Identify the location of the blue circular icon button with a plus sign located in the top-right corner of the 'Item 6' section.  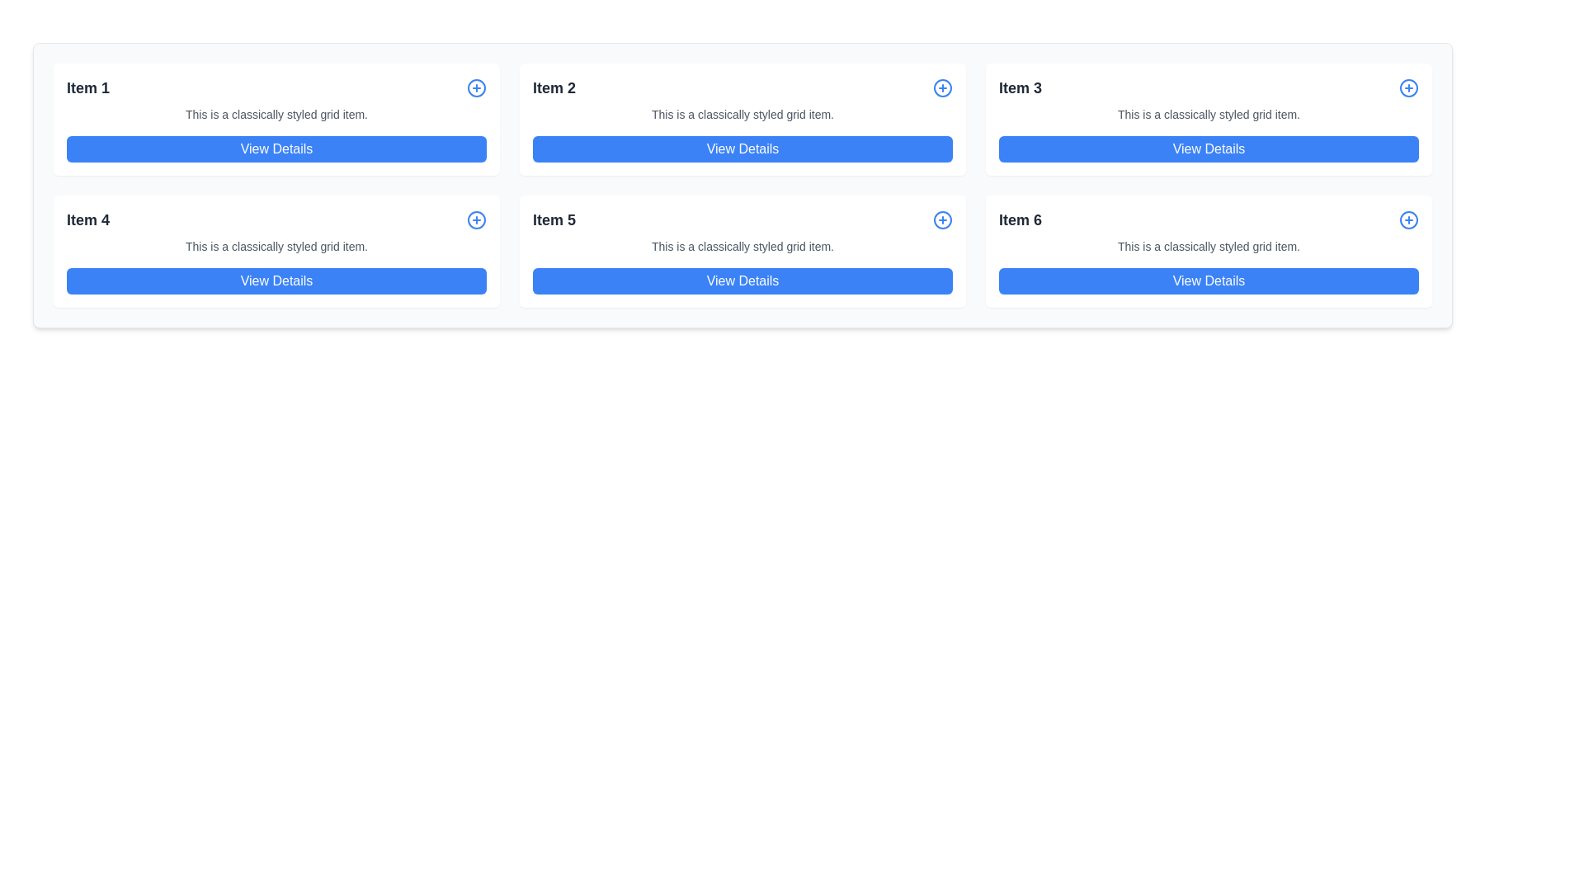
(1408, 219).